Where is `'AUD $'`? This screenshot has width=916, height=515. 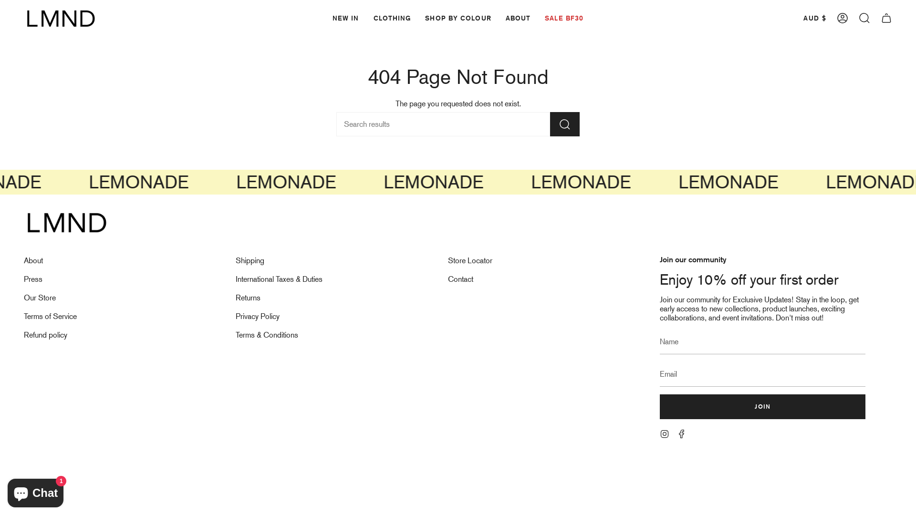
'AUD $' is located at coordinates (798, 18).